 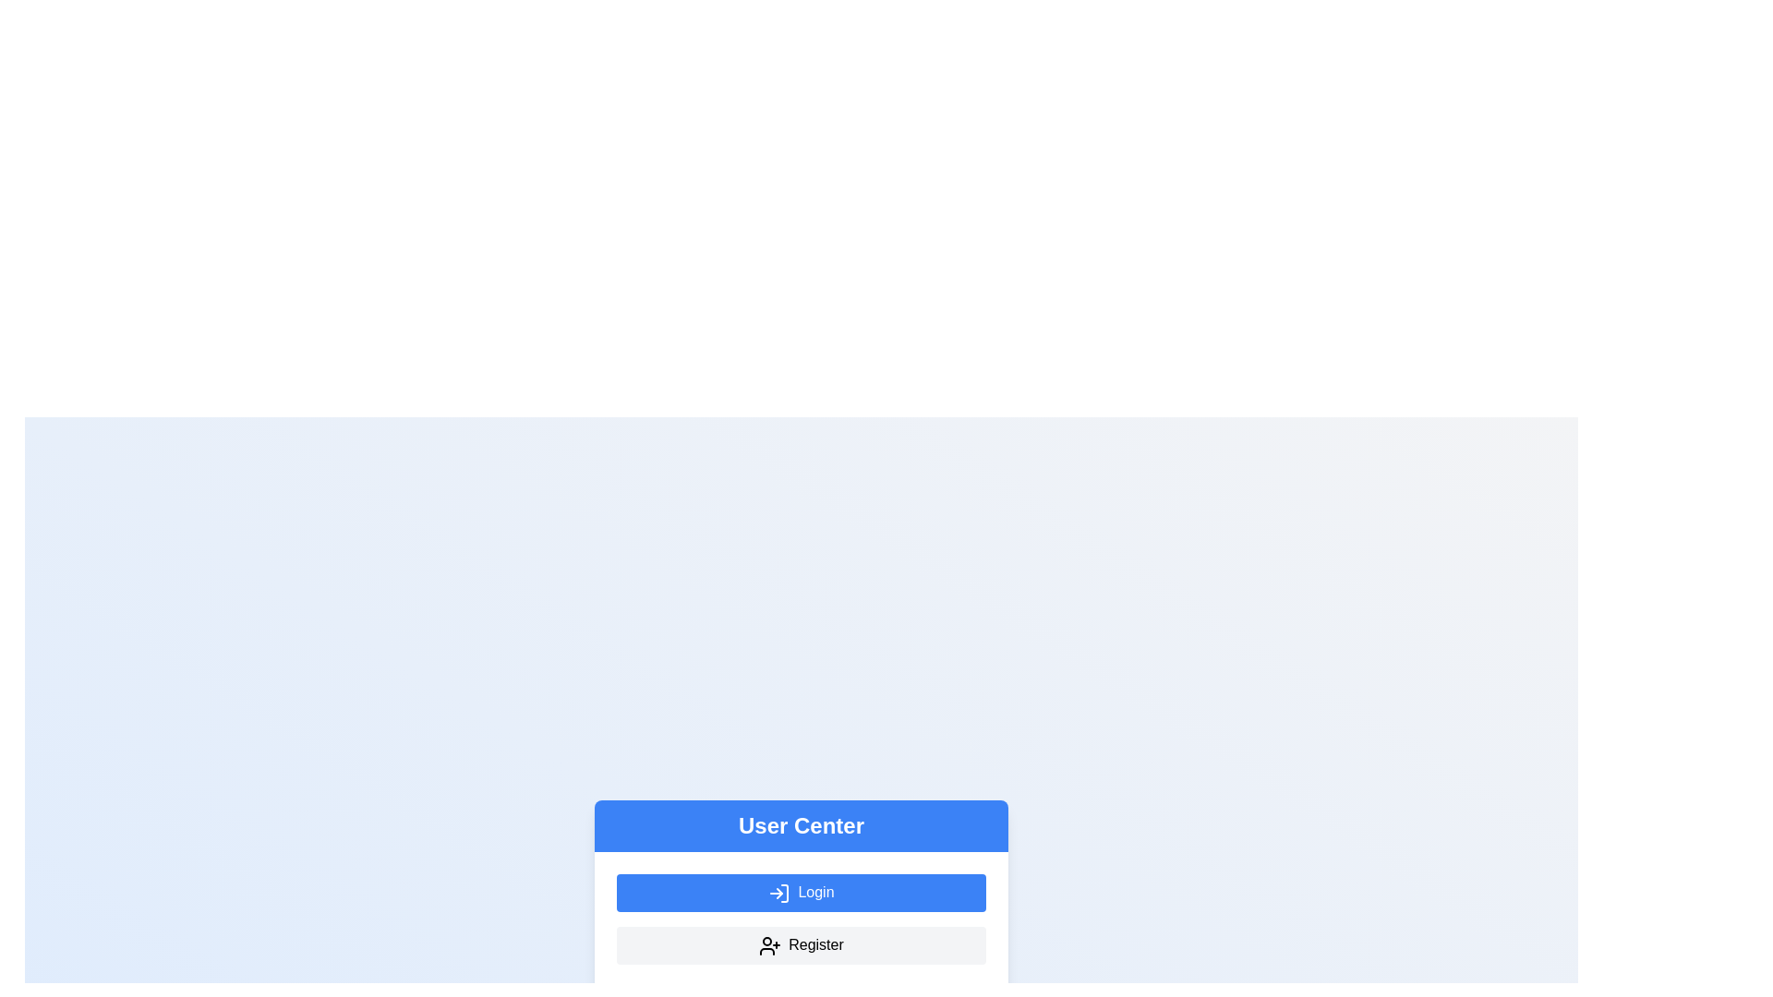 I want to click on the login button located in the center of its section, directly above the 'Register' button and below the 'User Center' heading, so click(x=802, y=892).